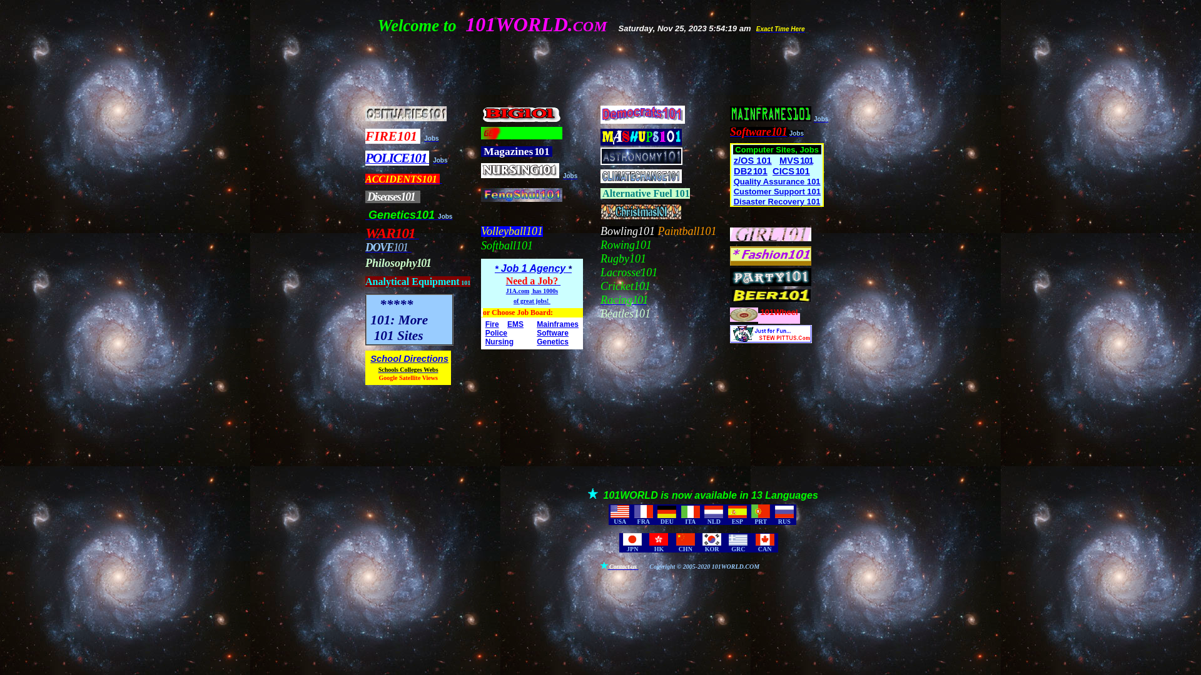  I want to click on 'J1A.com', so click(518, 291).